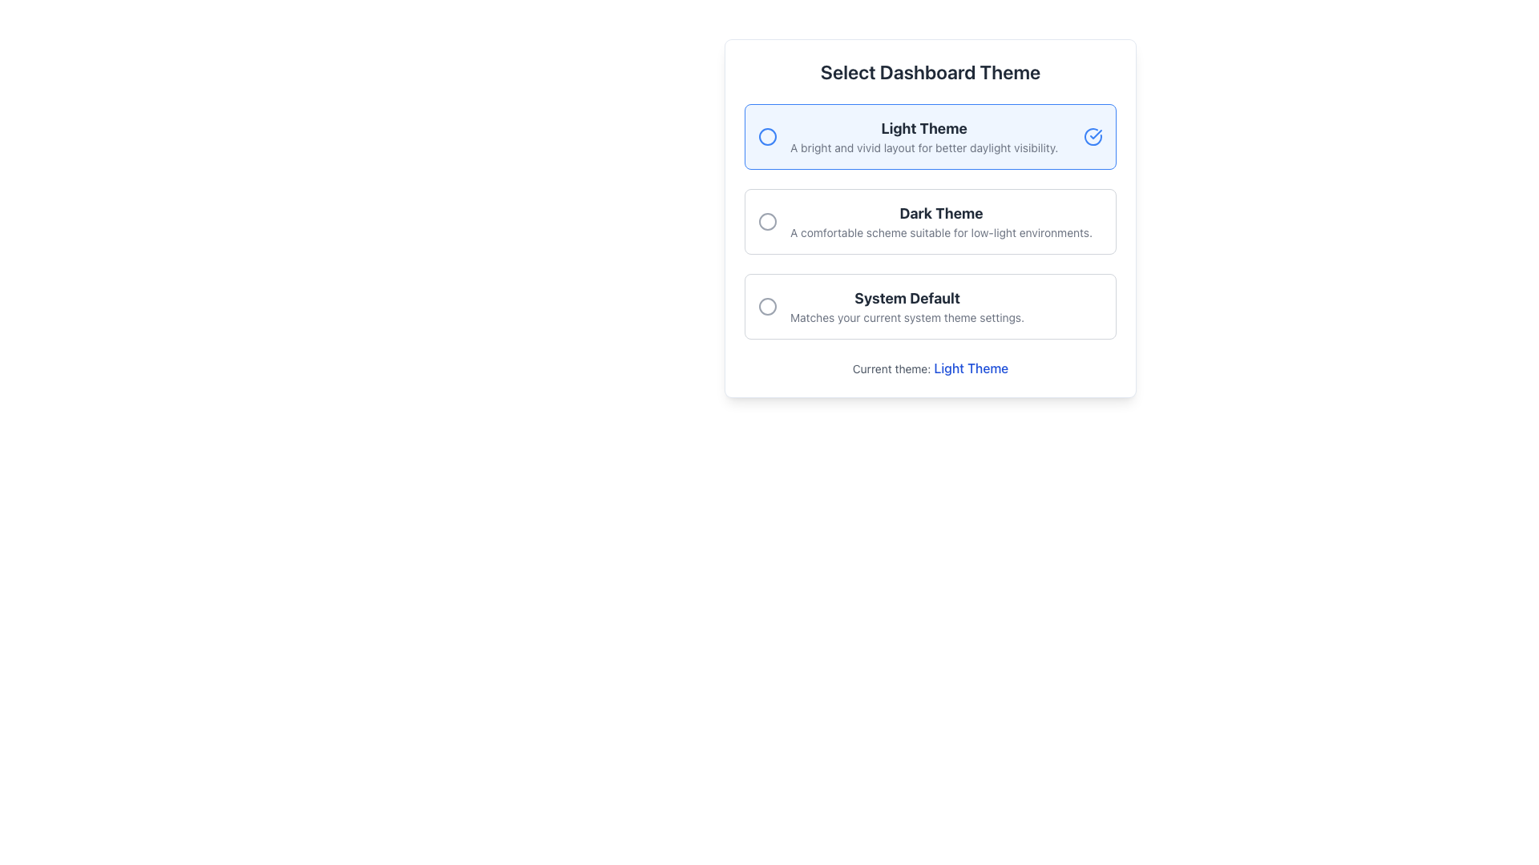 The image size is (1539, 865). Describe the element at coordinates (907, 299) in the screenshot. I see `the 'System Default' text label, which is displayed in bold and large dark gray font, positioned above the smaller descriptive text in the 'Select Dashboard Theme' section` at that location.